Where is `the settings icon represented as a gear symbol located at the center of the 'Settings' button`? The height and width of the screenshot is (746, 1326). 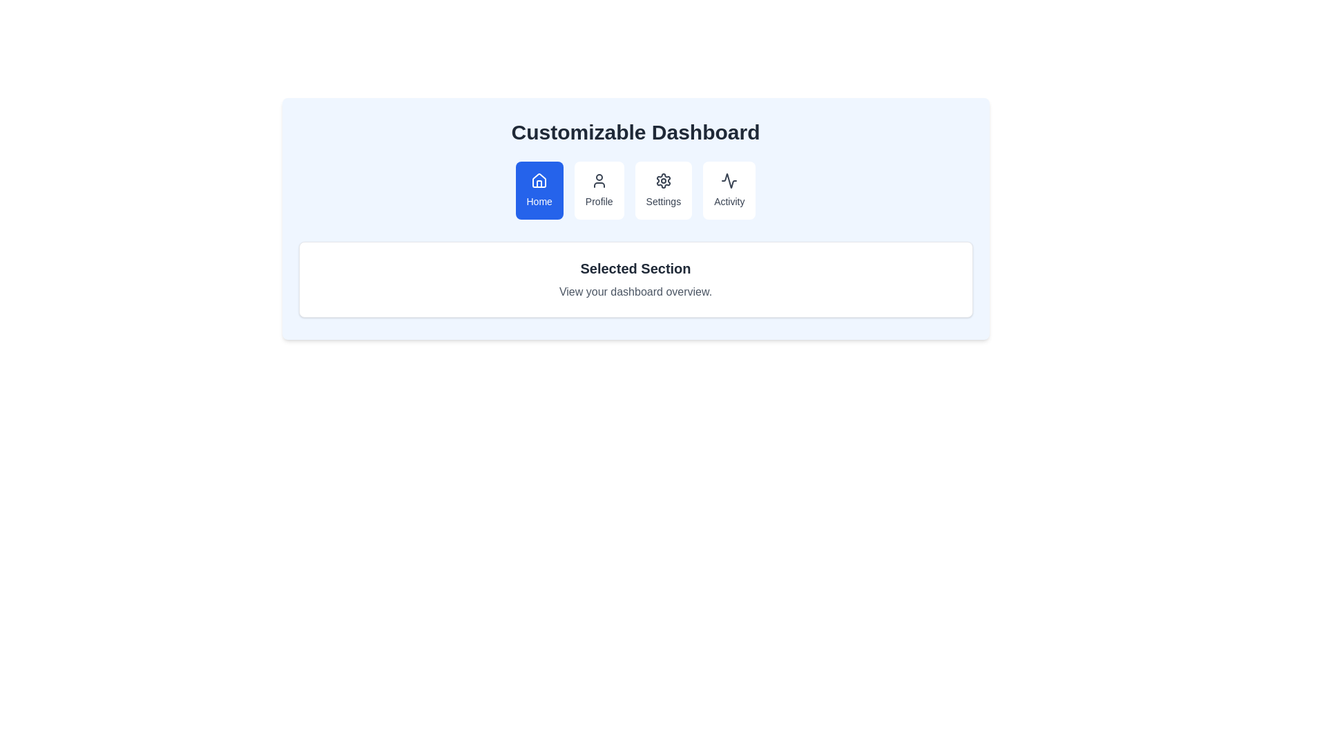
the settings icon represented as a gear symbol located at the center of the 'Settings' button is located at coordinates (663, 180).